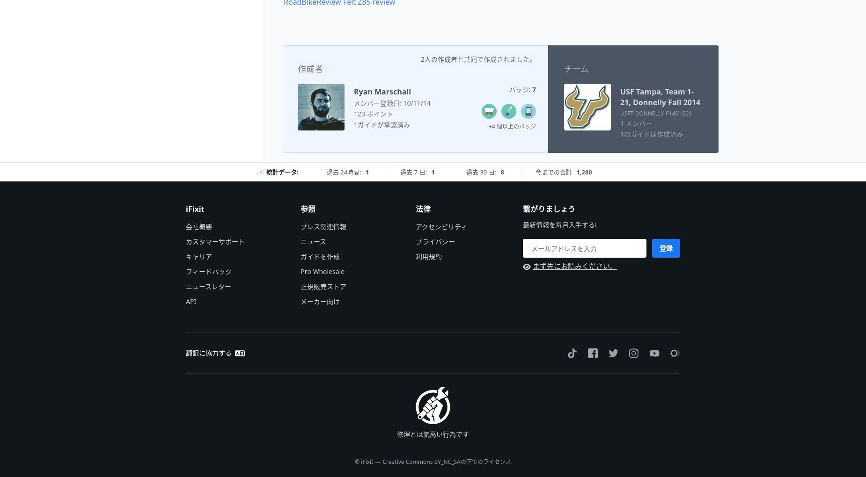 The height and width of the screenshot is (477, 866). Describe the element at coordinates (282, 171) in the screenshot. I see `'統計データ:'` at that location.